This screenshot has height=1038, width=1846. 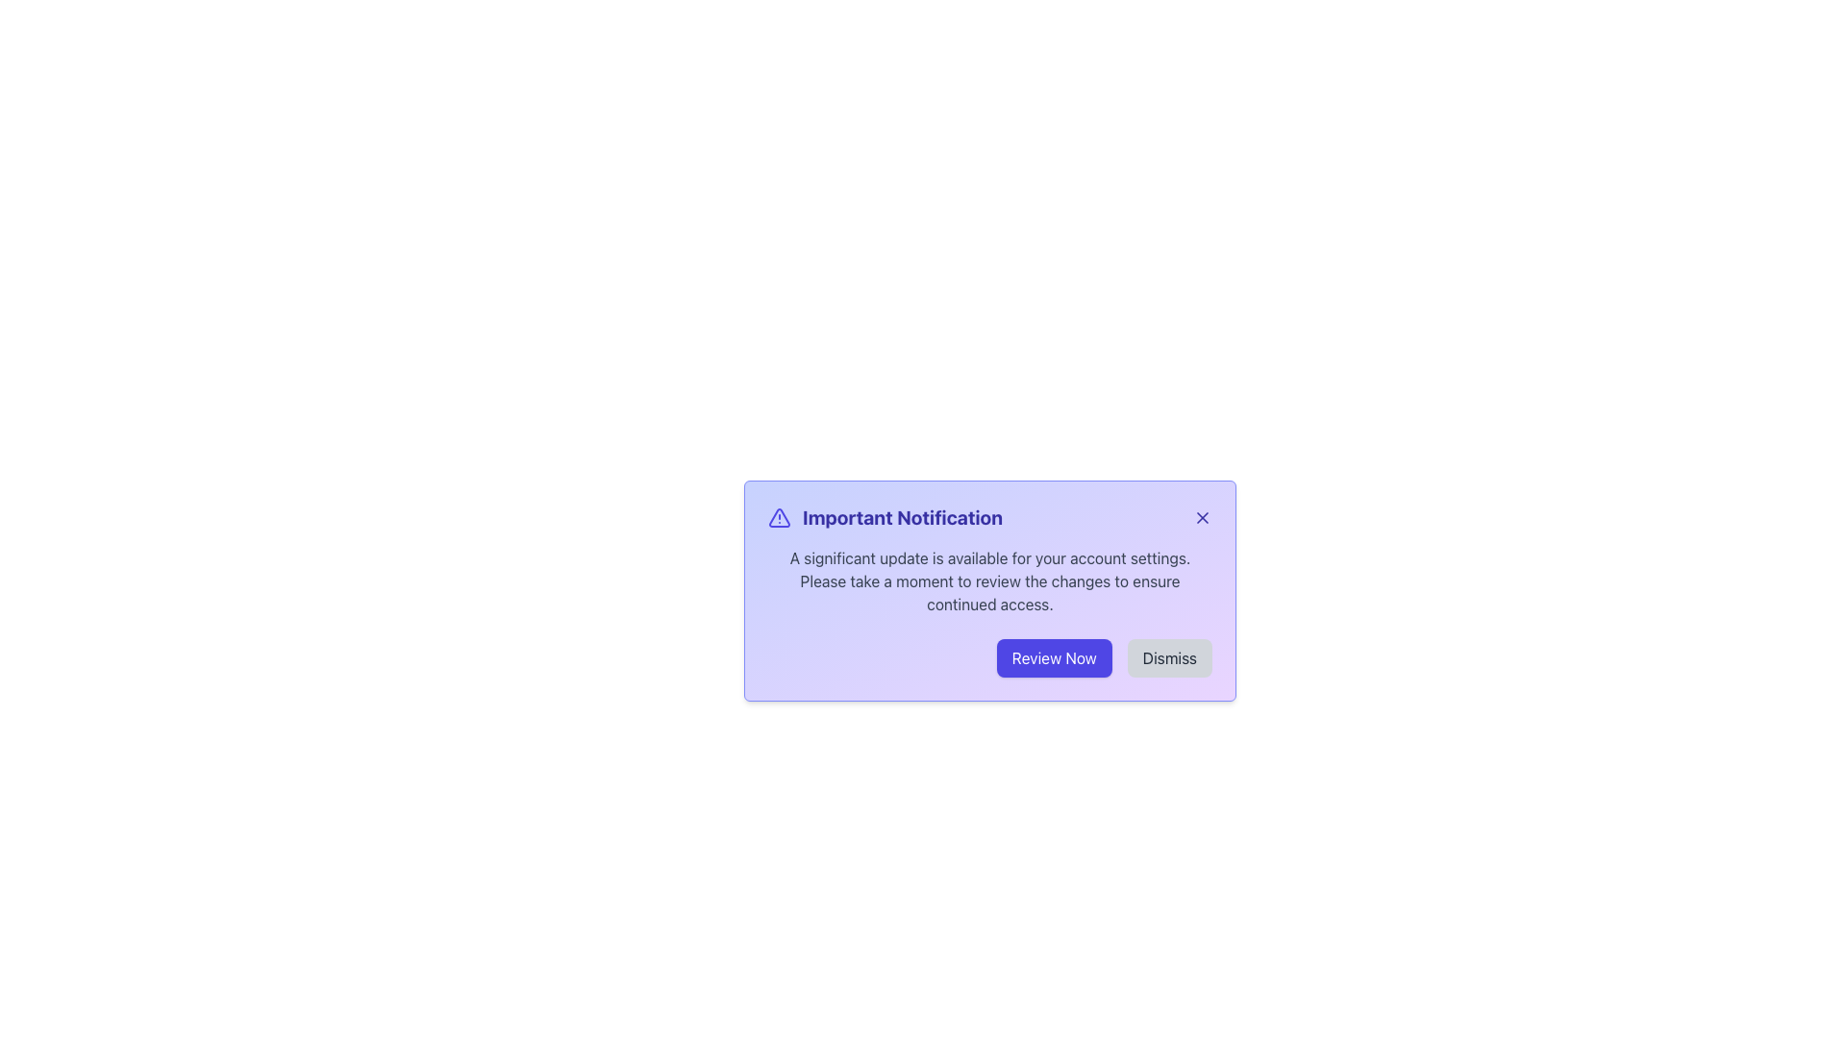 What do you see at coordinates (780, 517) in the screenshot?
I see `the warning icon located to the left of the 'Important Notification' text within the notification box to indicate its significance` at bounding box center [780, 517].